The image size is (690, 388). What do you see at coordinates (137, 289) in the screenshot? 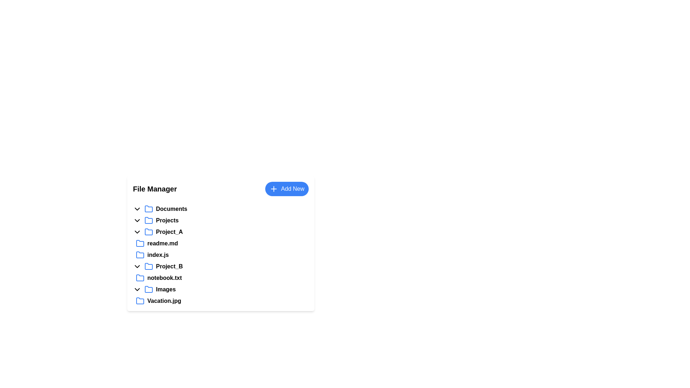
I see `the toggle button` at bounding box center [137, 289].